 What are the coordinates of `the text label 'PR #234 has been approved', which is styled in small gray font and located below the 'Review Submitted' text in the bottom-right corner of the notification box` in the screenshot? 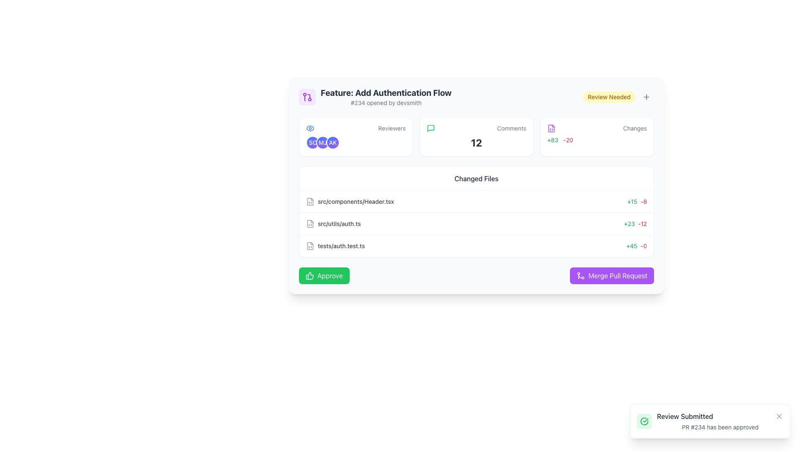 It's located at (719, 427).